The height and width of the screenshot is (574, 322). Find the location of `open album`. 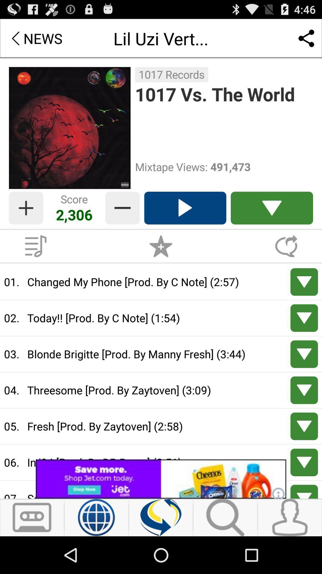

open album is located at coordinates (35, 246).